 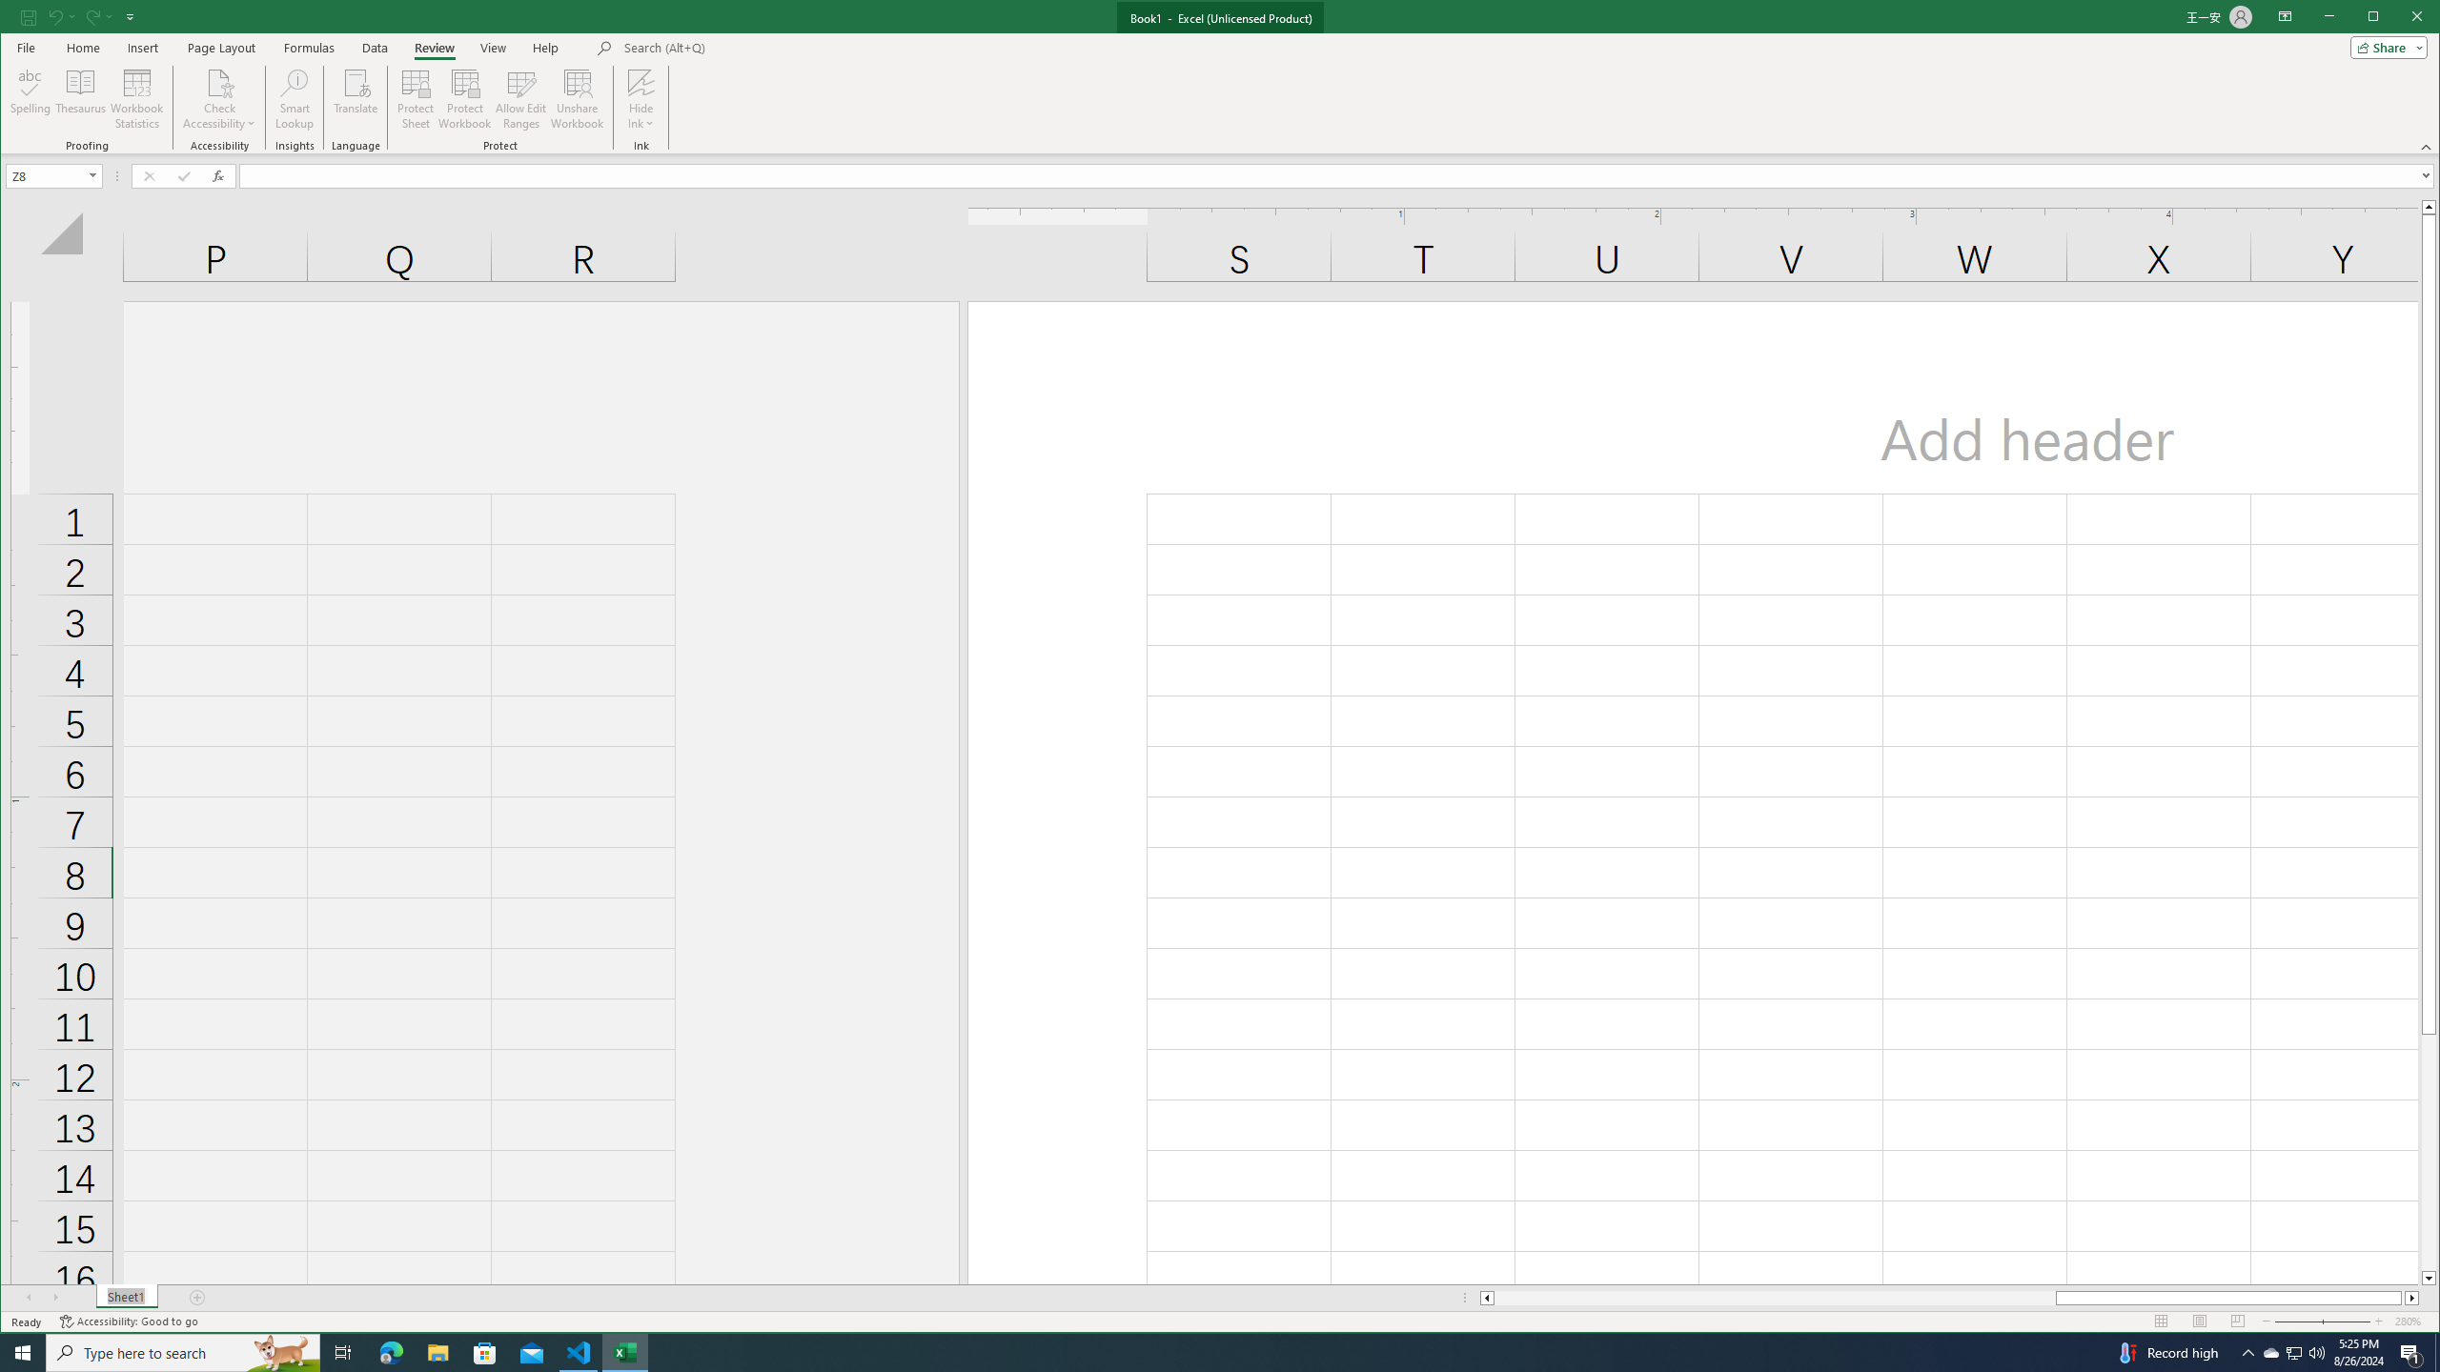 I want to click on 'Thesaurus...', so click(x=81, y=98).